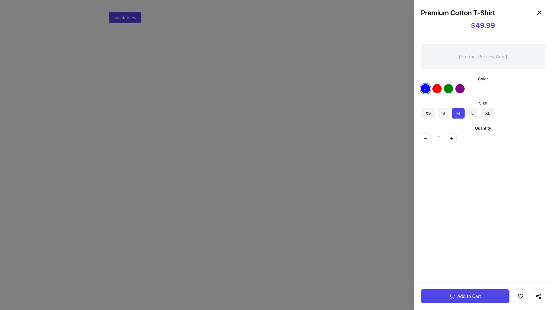 The height and width of the screenshot is (310, 552). What do you see at coordinates (124, 17) in the screenshot?
I see `the 'Quick View' button, which is a rectangular button with a dark blue background and rounded corners` at bounding box center [124, 17].